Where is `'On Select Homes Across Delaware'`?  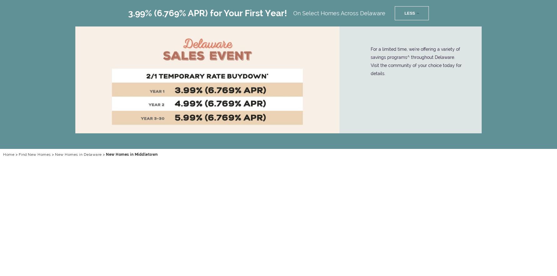
'On Select Homes Across Delaware' is located at coordinates (339, 13).